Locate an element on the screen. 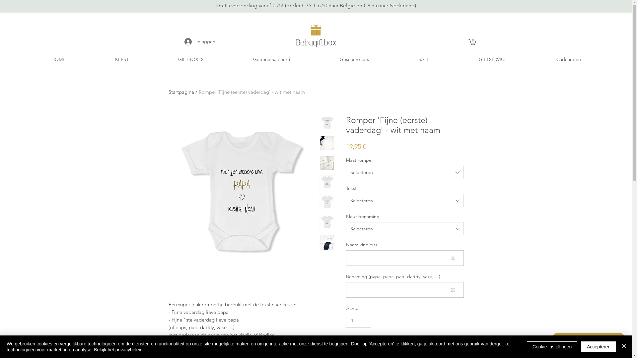 The height and width of the screenshot is (358, 637). 'GIFTSERVICE' is located at coordinates (492, 59).